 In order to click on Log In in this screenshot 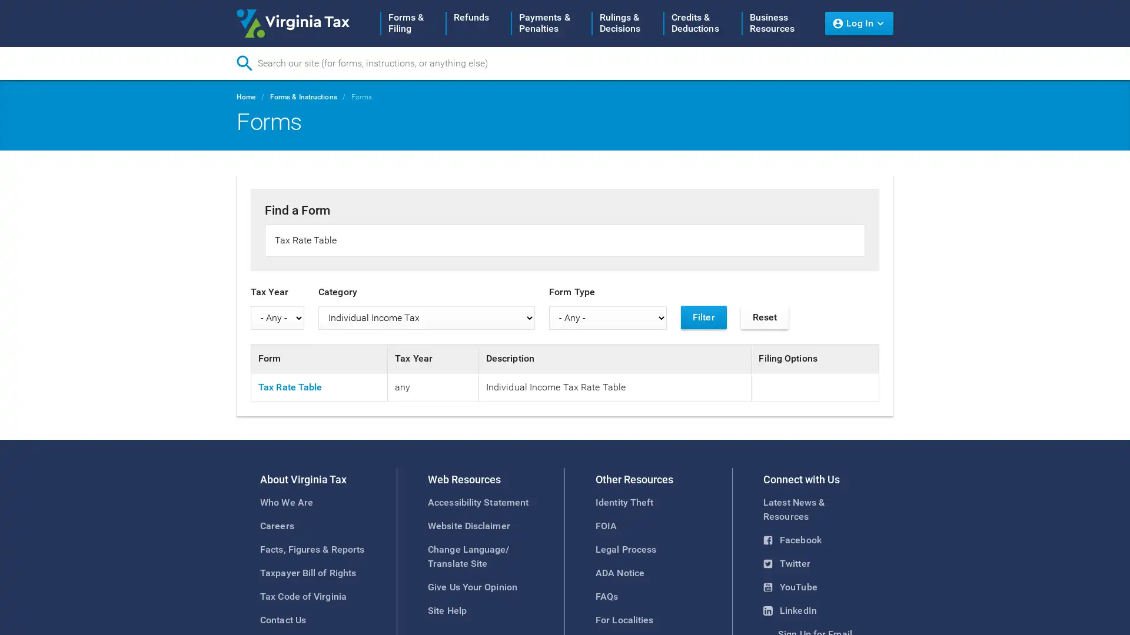, I will do `click(859, 23)`.